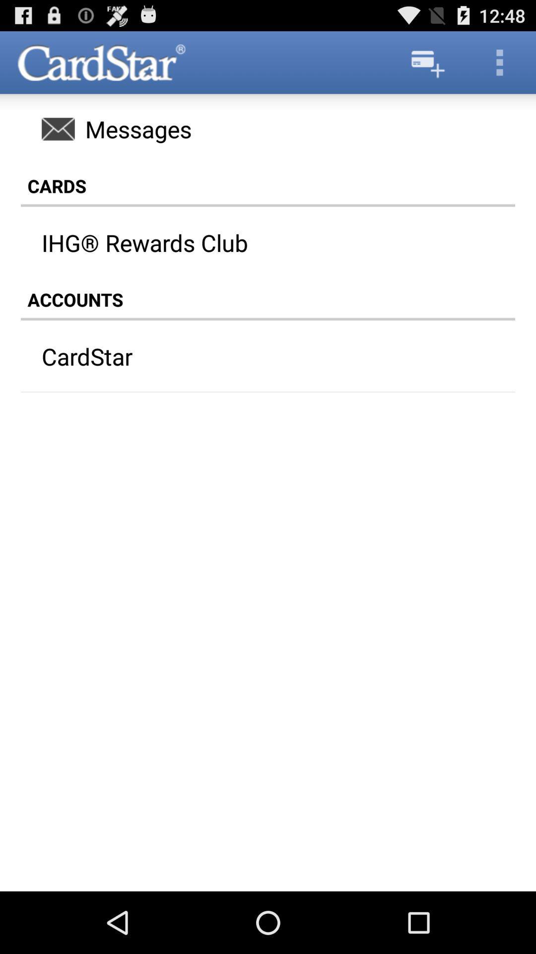 The height and width of the screenshot is (954, 536). What do you see at coordinates (248, 356) in the screenshot?
I see `cardstar icon` at bounding box center [248, 356].